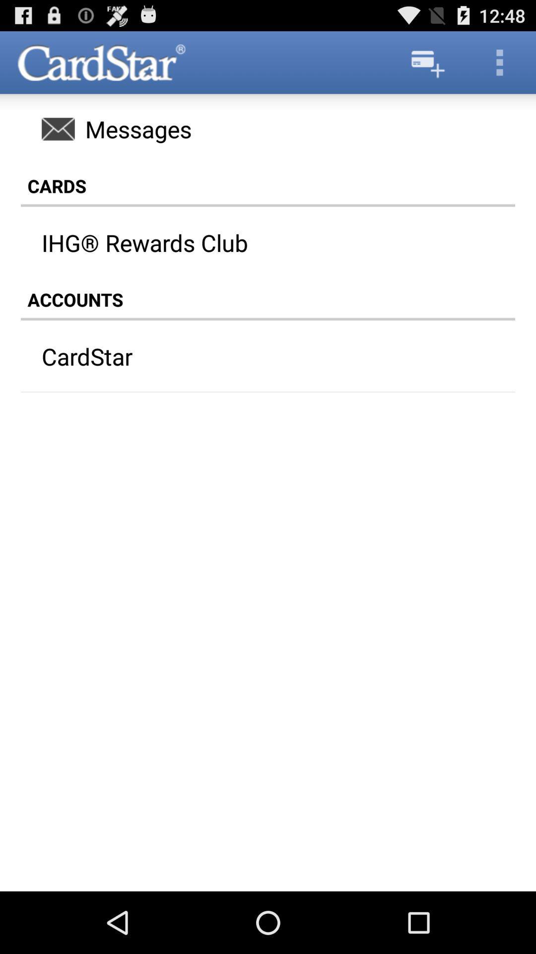 The height and width of the screenshot is (954, 536). What do you see at coordinates (248, 356) in the screenshot?
I see `cardstar icon` at bounding box center [248, 356].